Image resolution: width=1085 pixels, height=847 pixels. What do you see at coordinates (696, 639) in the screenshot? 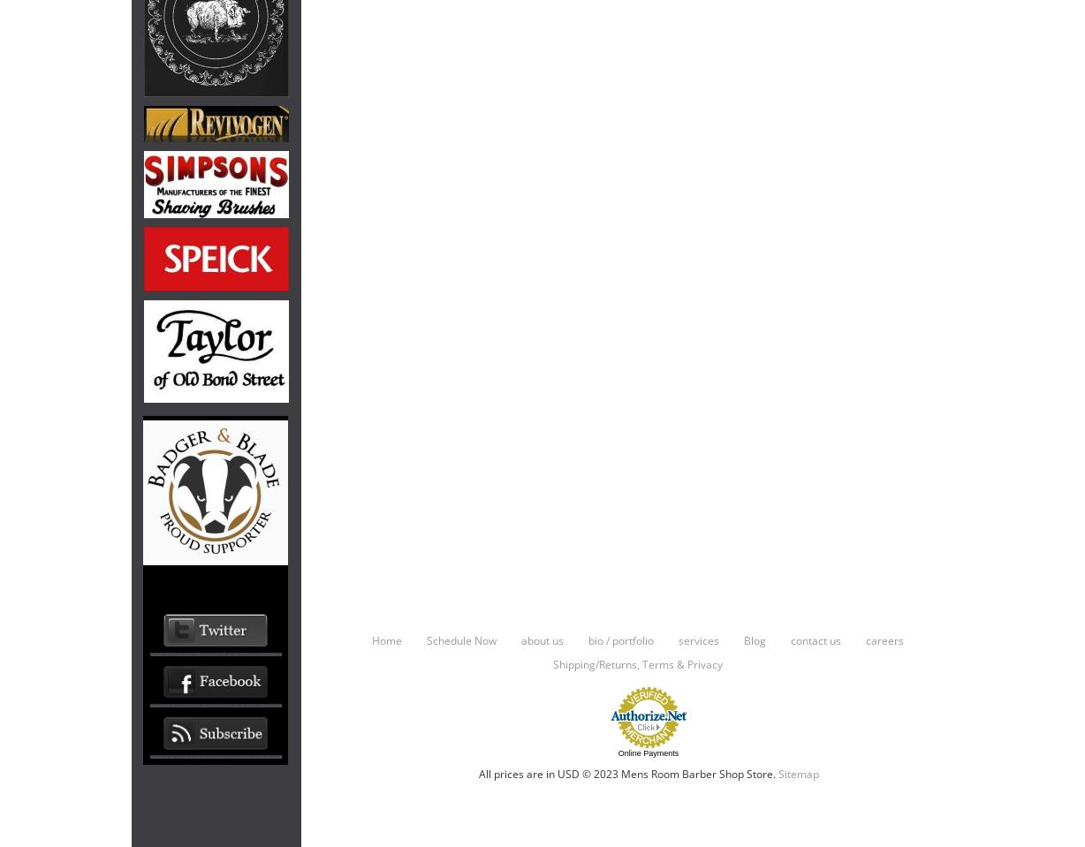
I see `'services'` at bounding box center [696, 639].